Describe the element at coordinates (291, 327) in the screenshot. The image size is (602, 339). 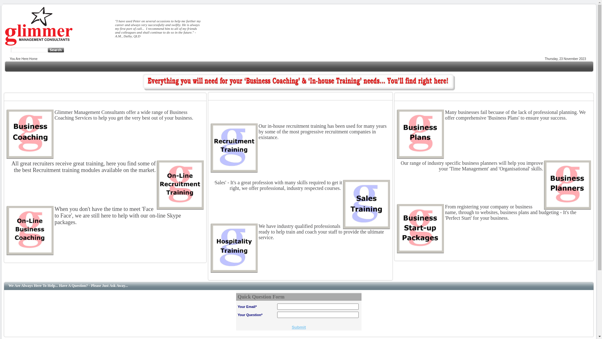
I see `'Submit'` at that location.